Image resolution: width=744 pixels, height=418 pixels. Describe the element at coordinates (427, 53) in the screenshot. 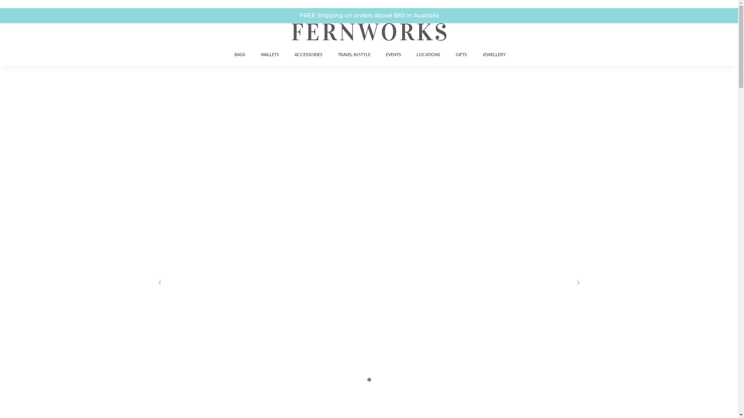

I see `'LOCATIONS'` at that location.